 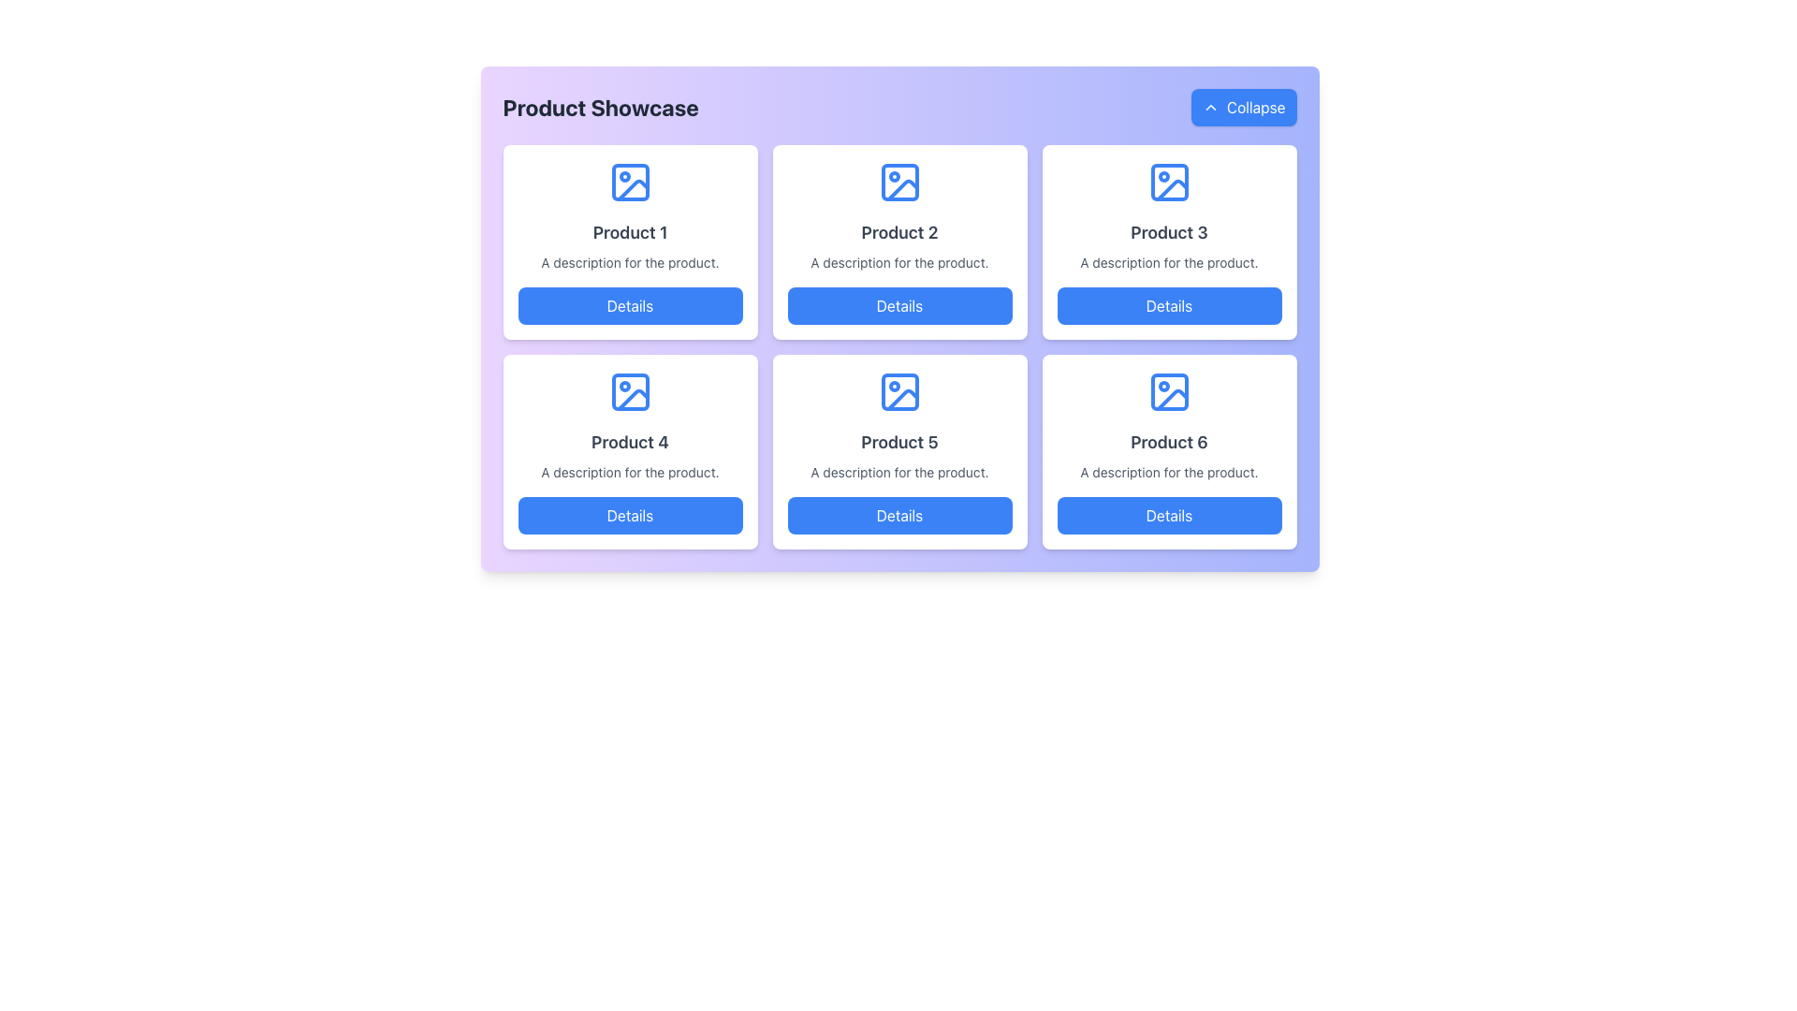 I want to click on text description that says 'A description for the product.' which is styled with a smaller font size and light gray color, located in the second product card in the top row, below the 'Product 2' title and above the 'Details' button, so click(x=899, y=263).